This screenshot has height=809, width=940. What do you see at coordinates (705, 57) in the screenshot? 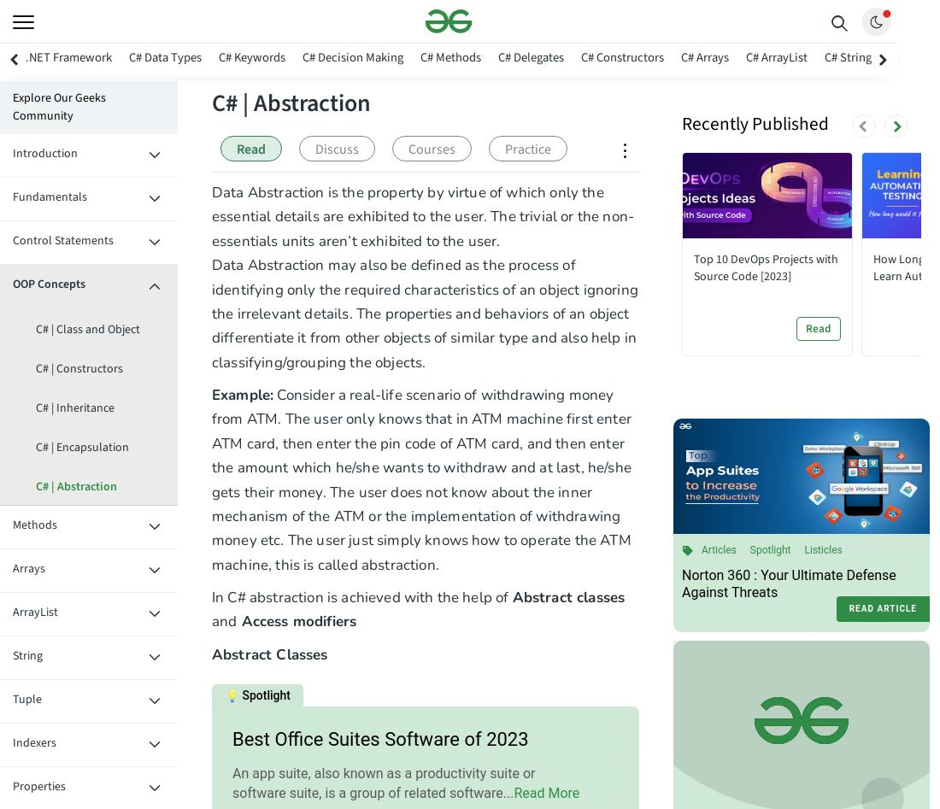
I see `'C# Arrays'` at bounding box center [705, 57].